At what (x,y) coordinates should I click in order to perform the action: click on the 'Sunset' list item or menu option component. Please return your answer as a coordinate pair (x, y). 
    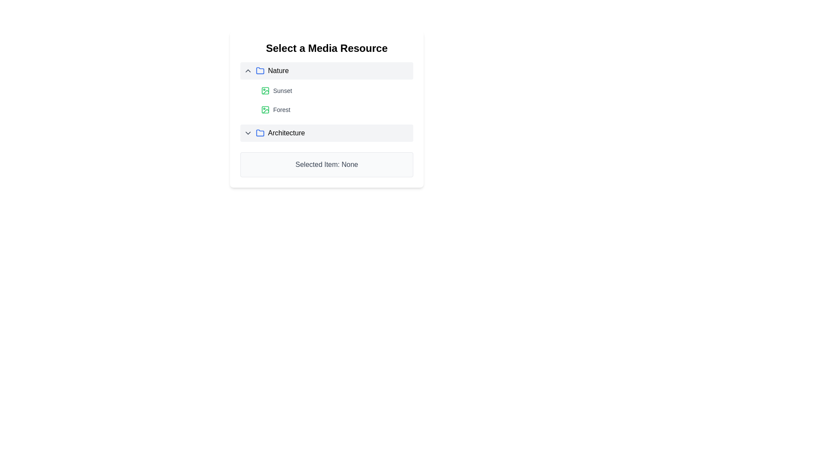
    Looking at the image, I should click on (335, 90).